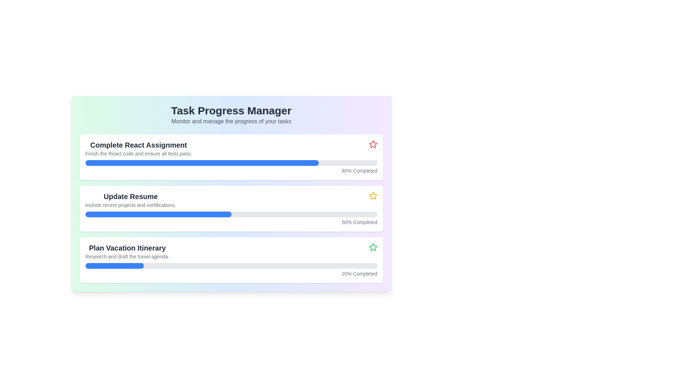 This screenshot has height=386, width=687. Describe the element at coordinates (131, 205) in the screenshot. I see `informational text located below the header 'Update Resume' in the second position of the task card` at that location.